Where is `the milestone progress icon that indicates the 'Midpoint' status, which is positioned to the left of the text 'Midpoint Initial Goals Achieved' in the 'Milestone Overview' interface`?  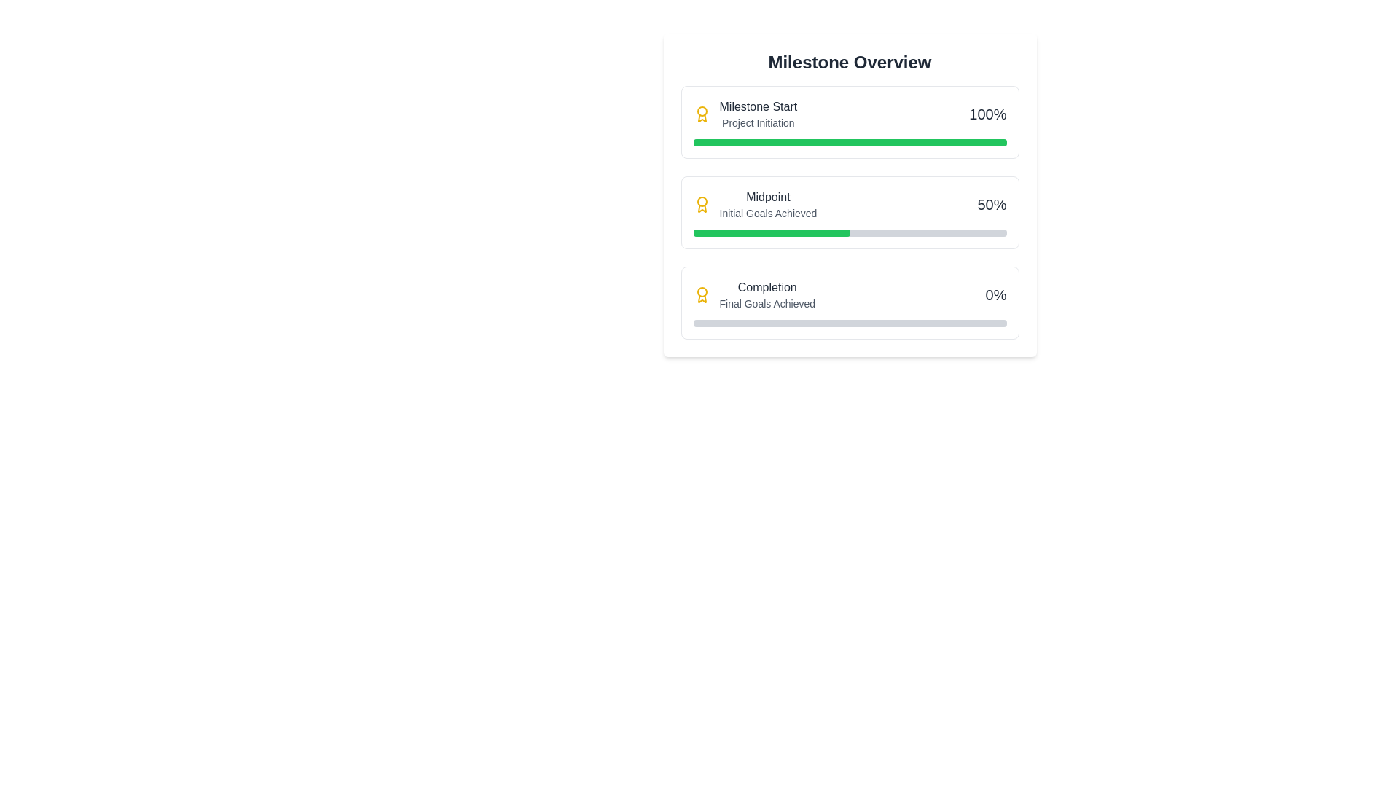
the milestone progress icon that indicates the 'Midpoint' status, which is positioned to the left of the text 'Midpoint Initial Goals Achieved' in the 'Milestone Overview' interface is located at coordinates (702, 205).